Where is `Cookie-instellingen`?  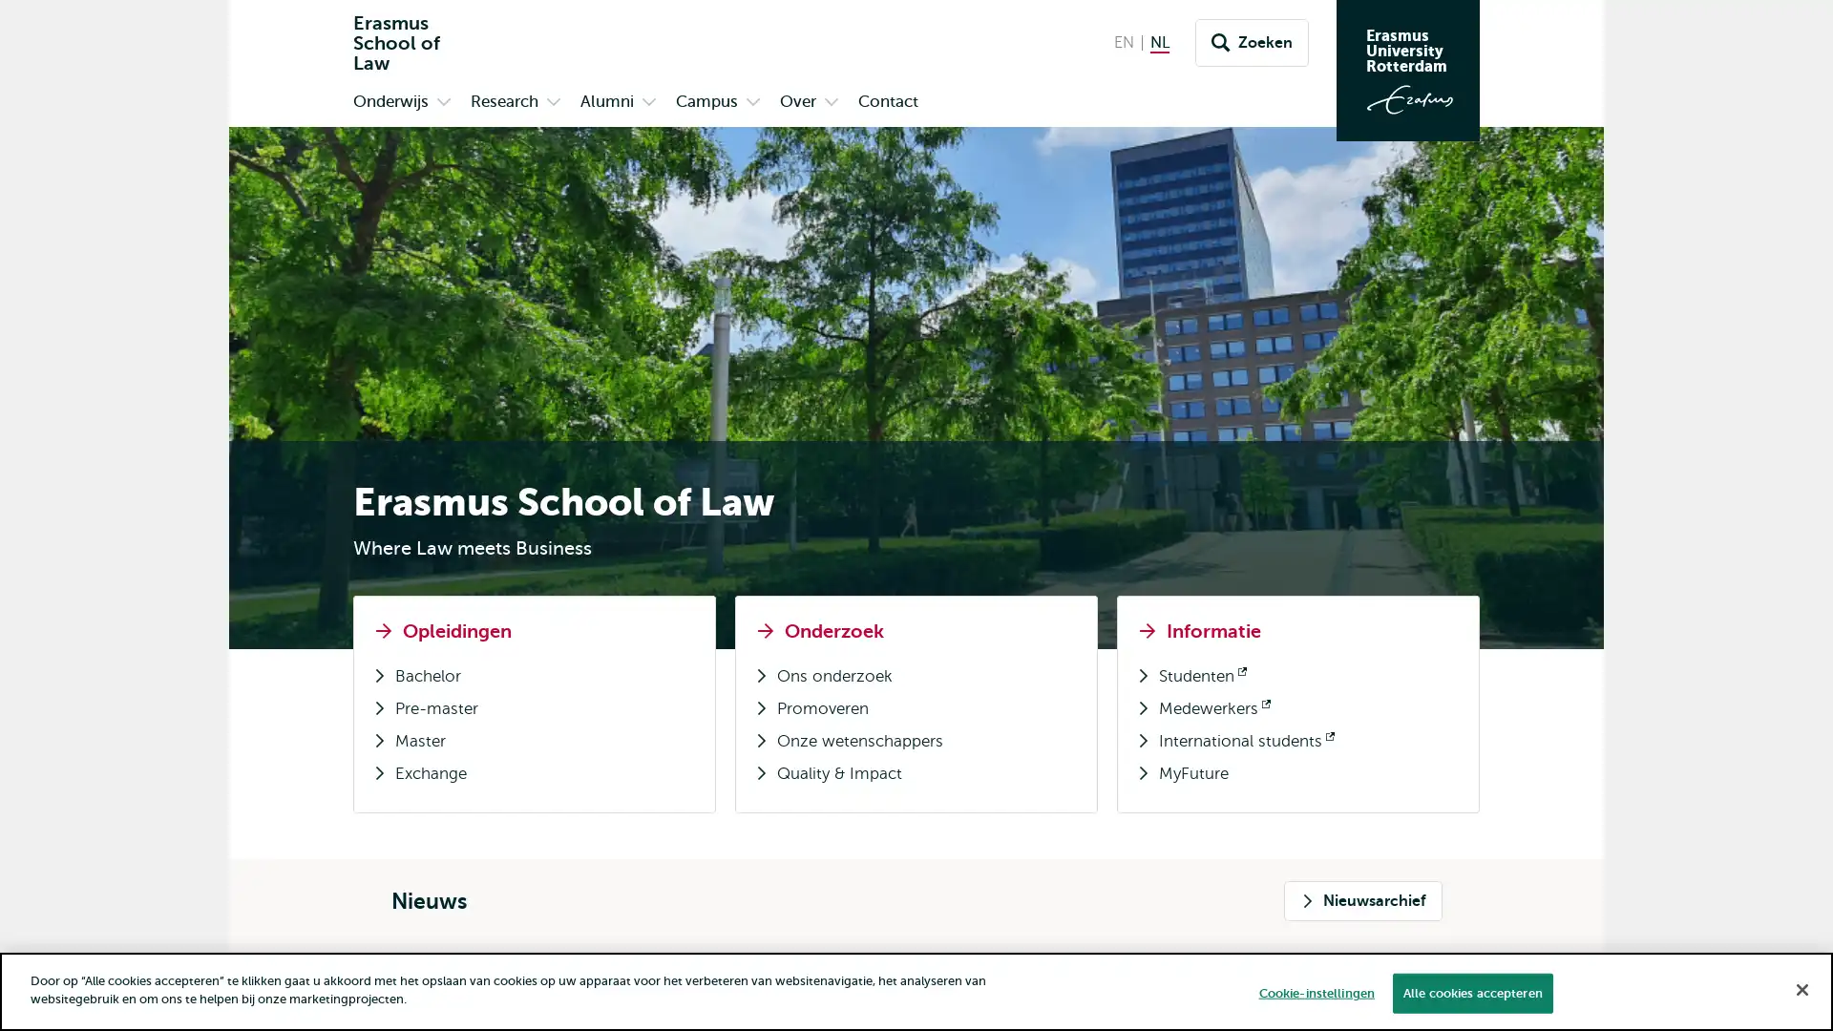
Cookie-instellingen is located at coordinates (1315, 992).